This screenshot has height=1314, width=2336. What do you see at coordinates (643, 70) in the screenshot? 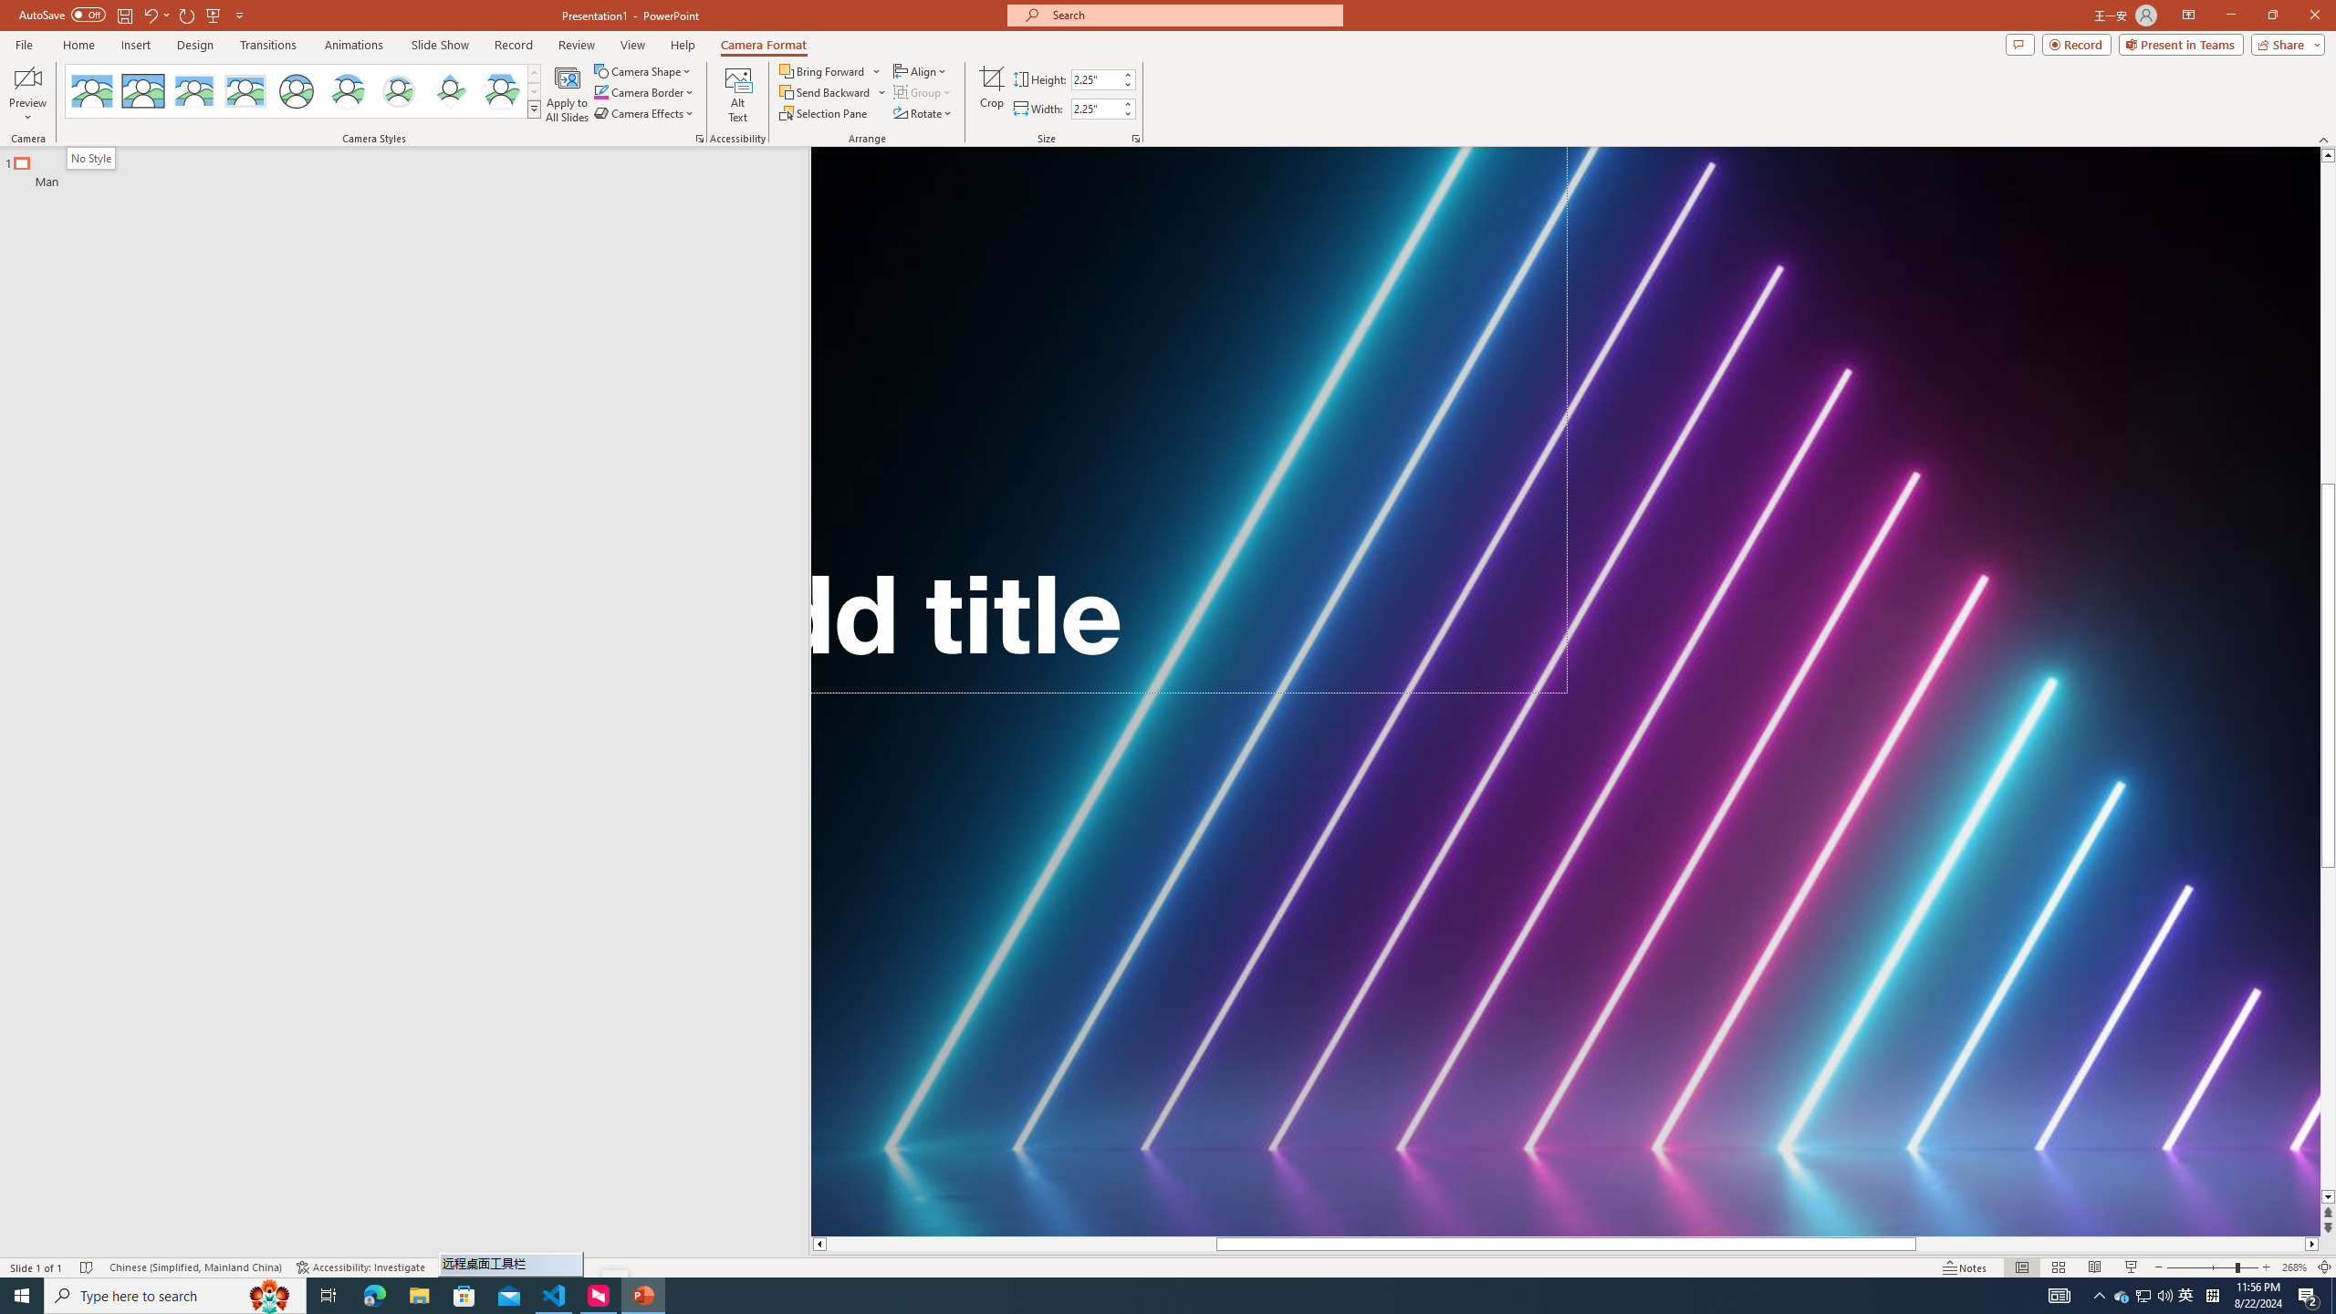
I see `'Camera Shape'` at bounding box center [643, 70].